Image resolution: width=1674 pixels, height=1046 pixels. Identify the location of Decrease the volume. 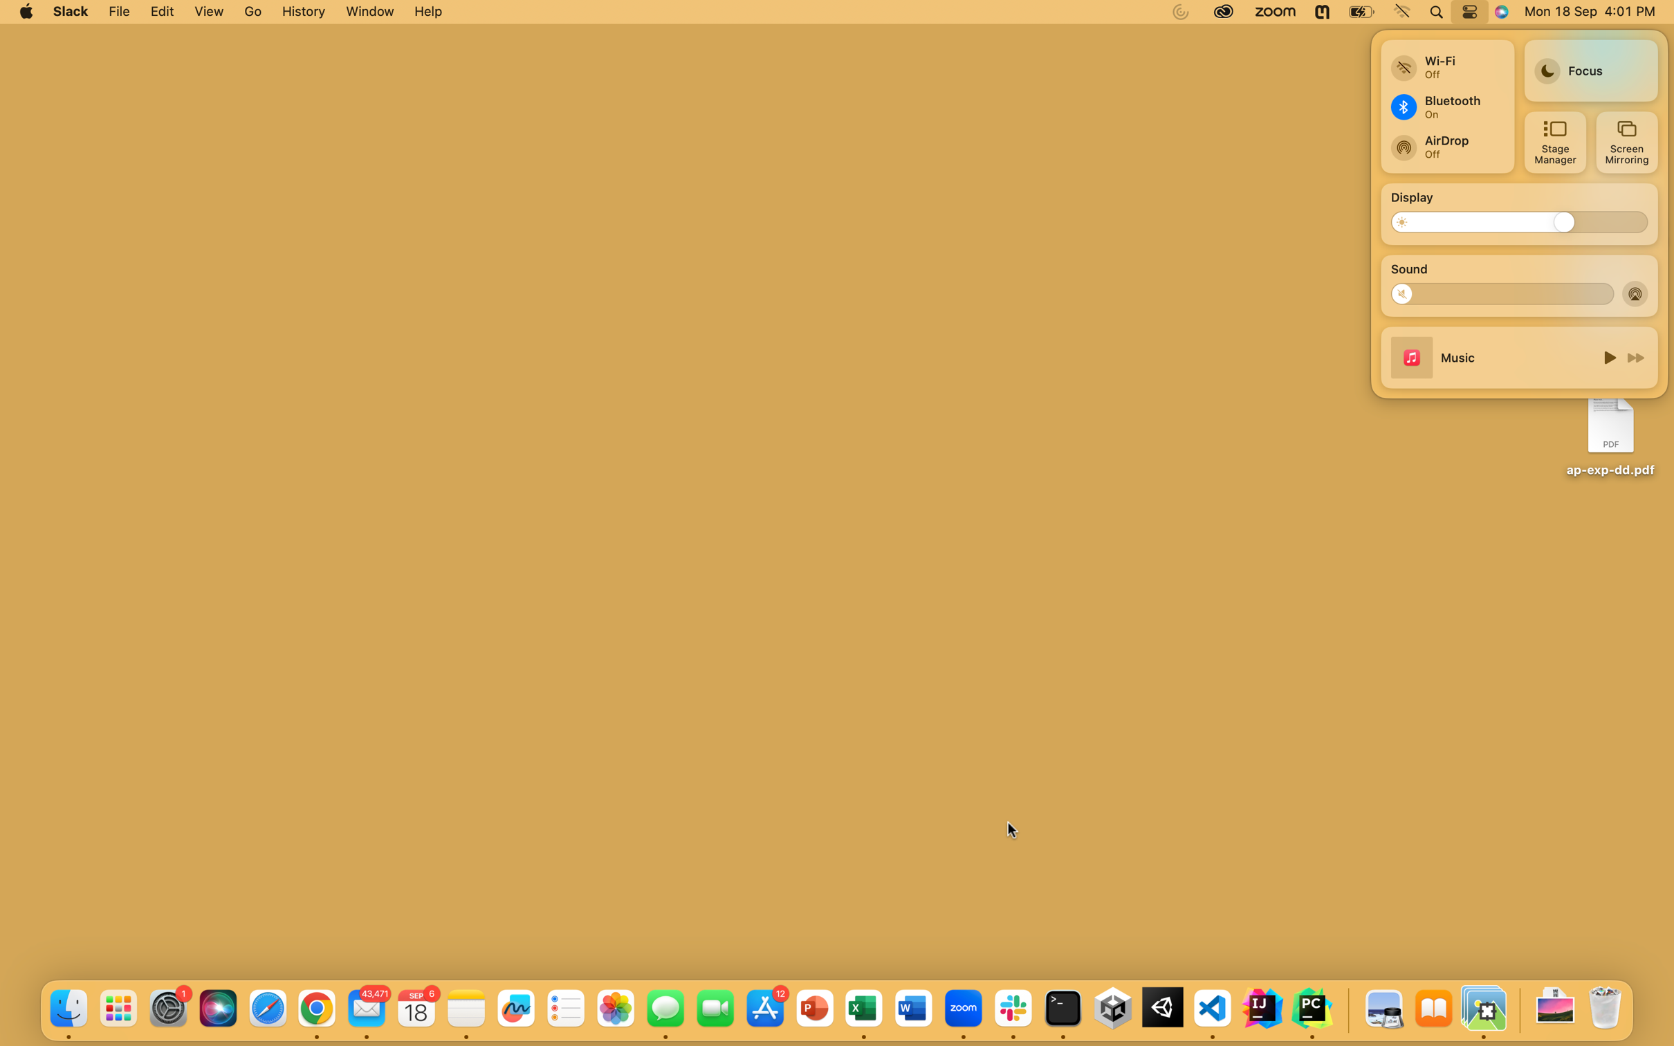
(1408, 293).